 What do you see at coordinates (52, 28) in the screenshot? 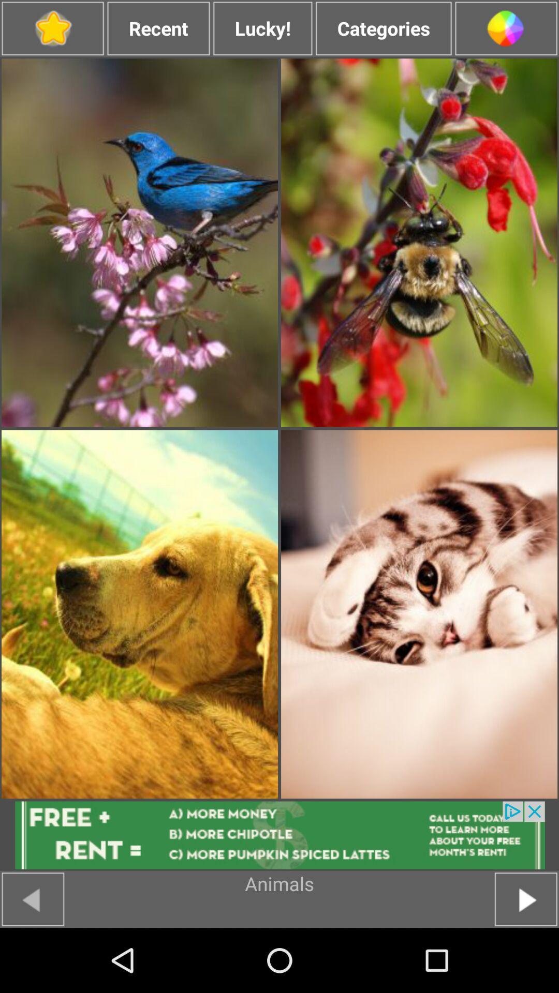
I see `favarat` at bounding box center [52, 28].